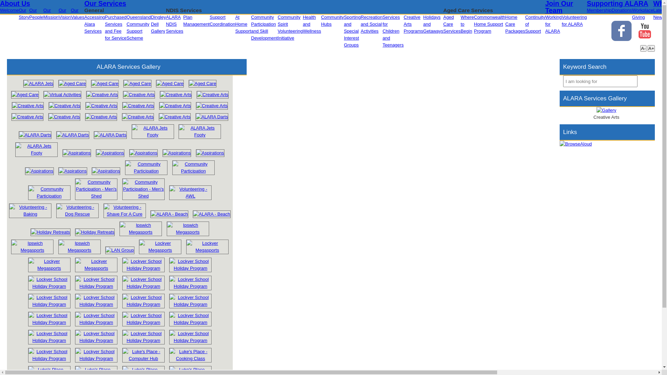 This screenshot has height=375, width=667. I want to click on 'Go', so click(643, 81).